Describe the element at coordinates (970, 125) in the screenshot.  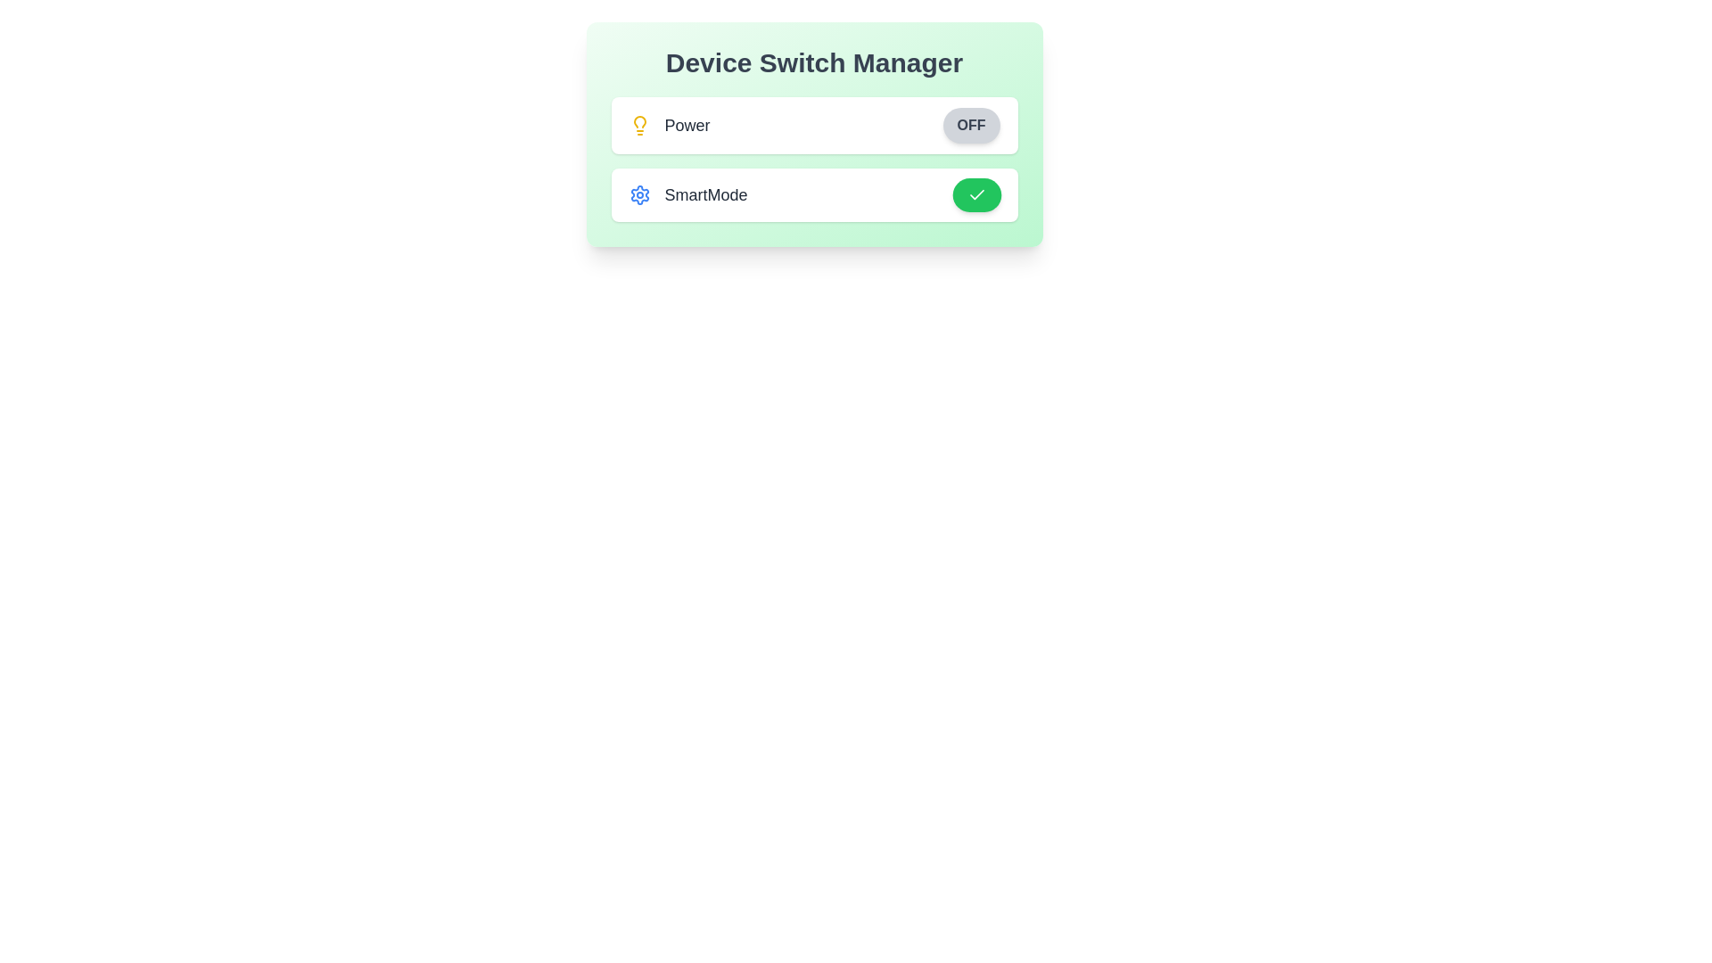
I see `the 'Power' switch button to toggle its state` at that location.